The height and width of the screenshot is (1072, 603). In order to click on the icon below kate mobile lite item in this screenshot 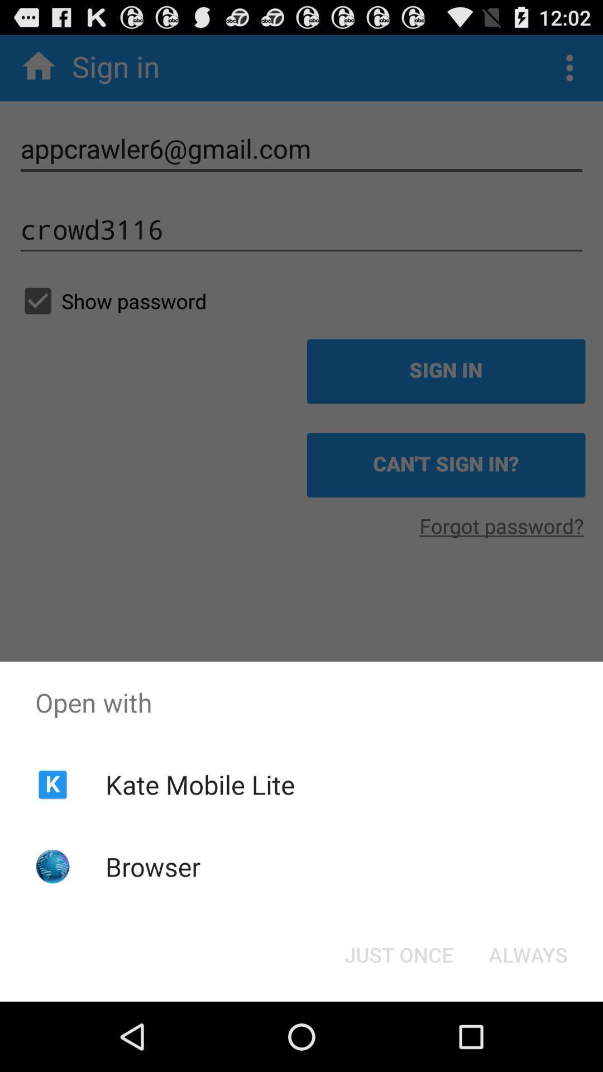, I will do `click(153, 866)`.